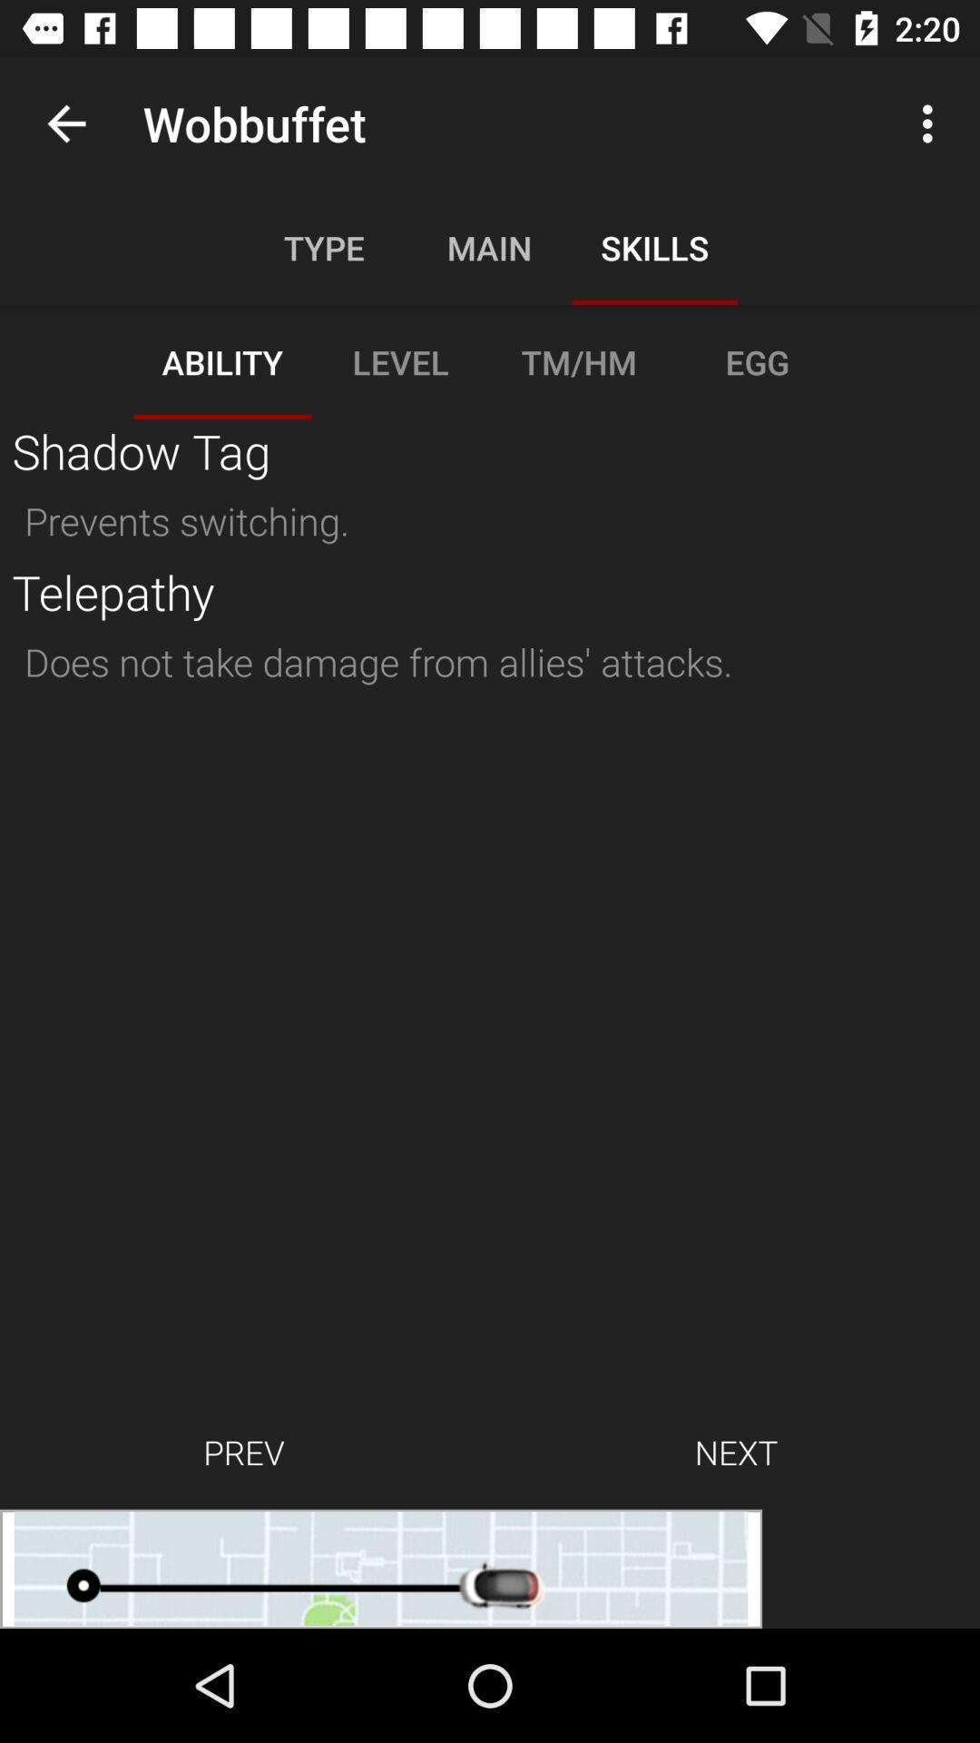 The image size is (980, 1743). I want to click on the 3 vertical dots at the top right corner of the page, so click(932, 123).